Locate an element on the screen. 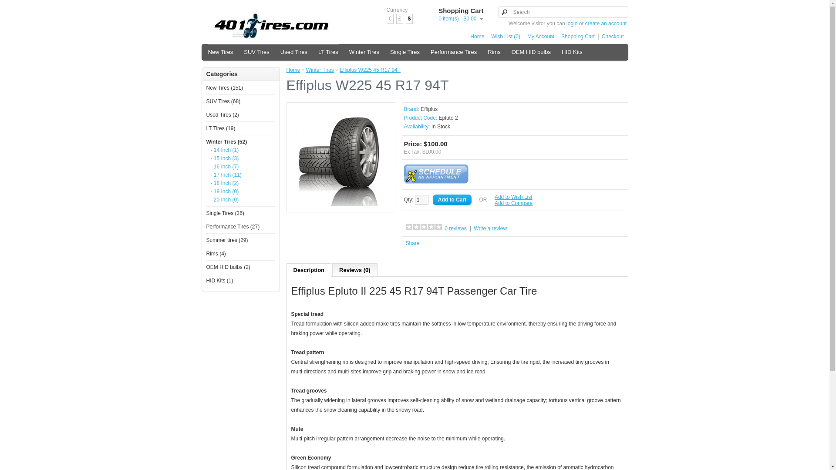 The width and height of the screenshot is (836, 470). 'Home' is located at coordinates (475, 36).